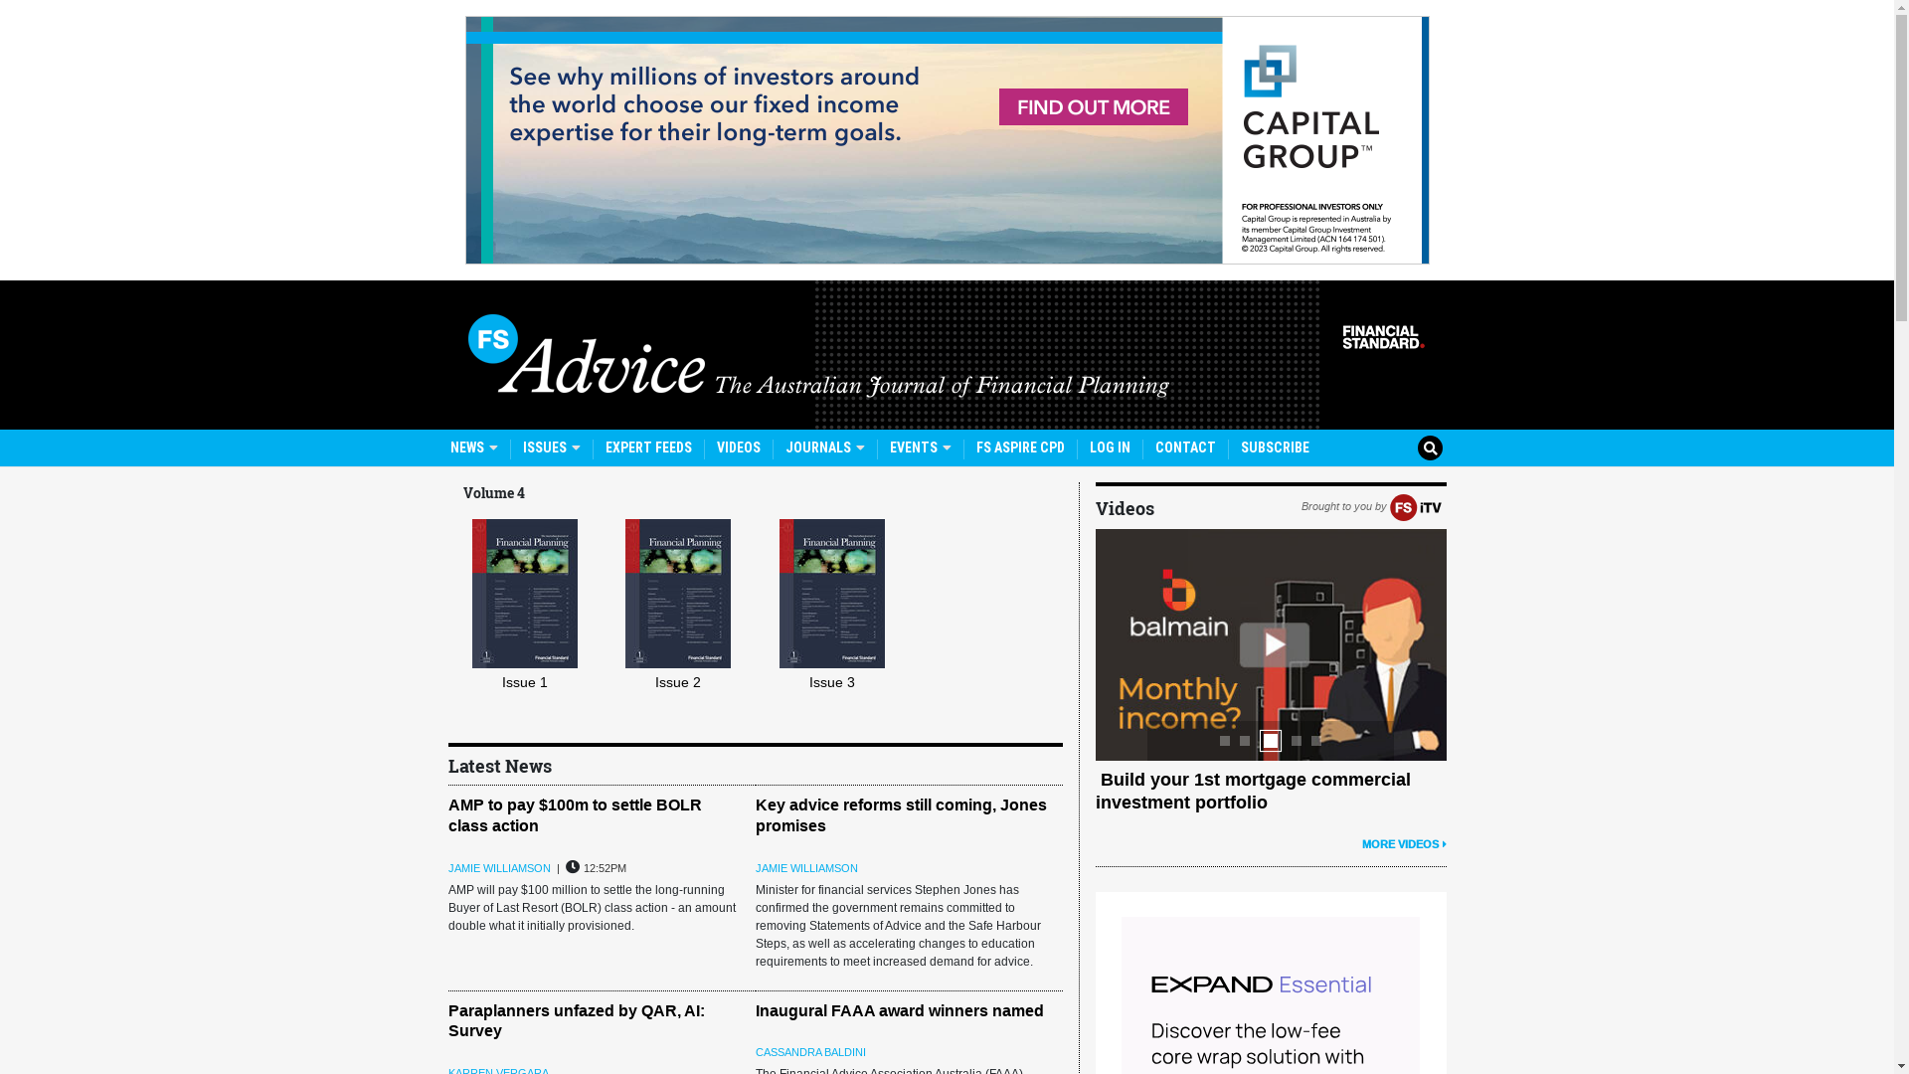 The width and height of the screenshot is (1909, 1074). Describe the element at coordinates (716, 447) in the screenshot. I see `'VIDEOS'` at that location.